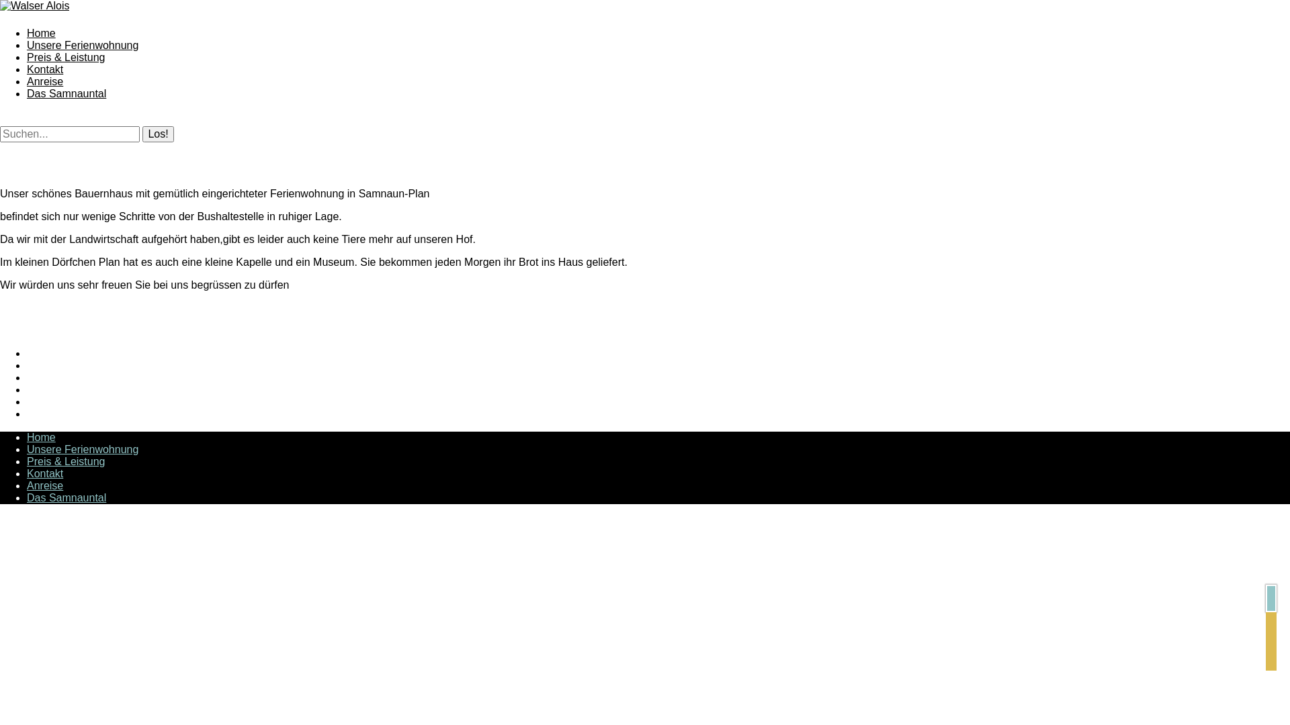  Describe the element at coordinates (82, 44) in the screenshot. I see `'Unsere Ferienwohnung'` at that location.